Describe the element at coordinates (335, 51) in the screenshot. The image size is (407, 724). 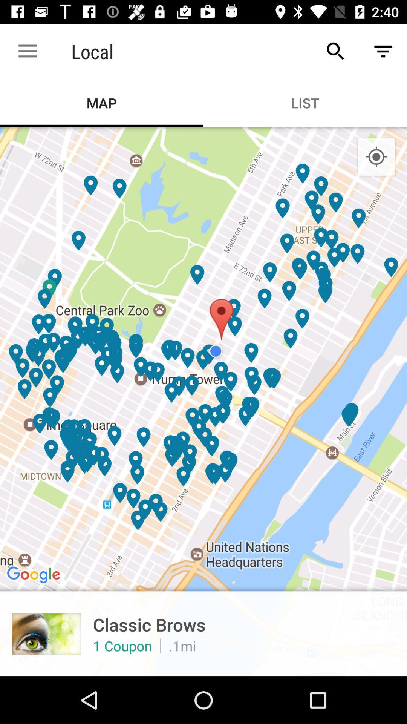
I see `the item above the list` at that location.